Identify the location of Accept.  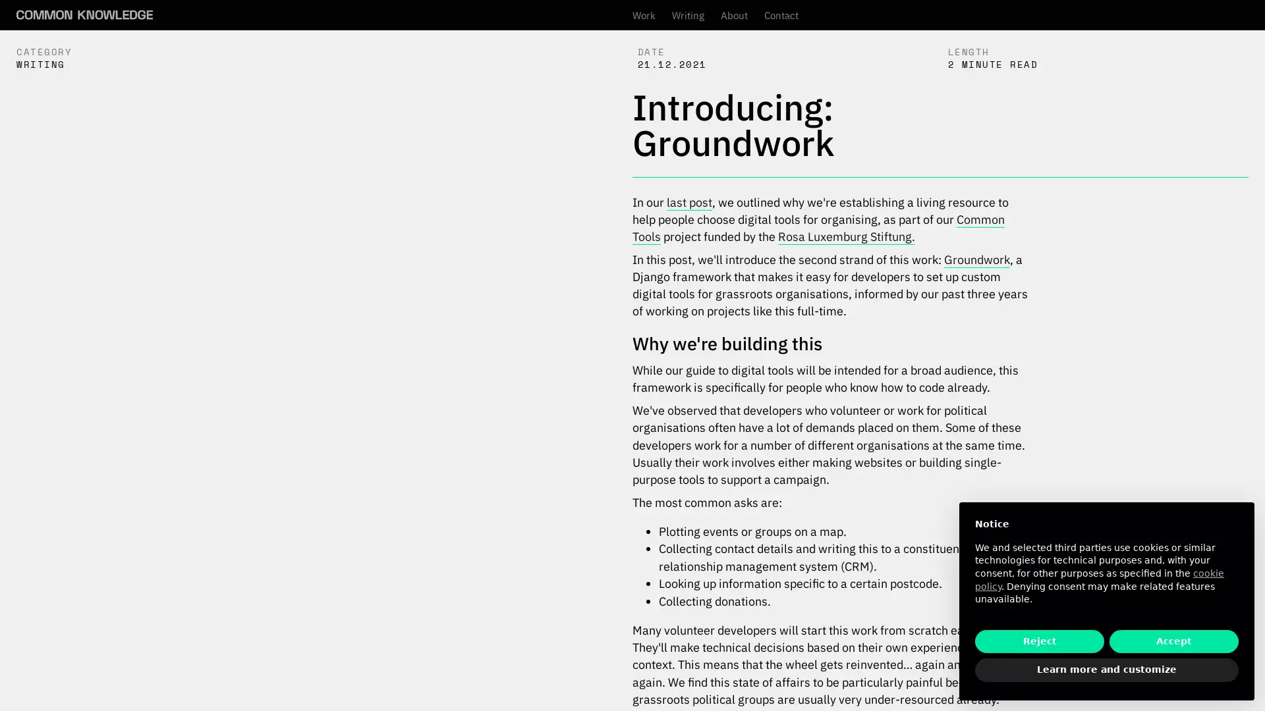
(1173, 641).